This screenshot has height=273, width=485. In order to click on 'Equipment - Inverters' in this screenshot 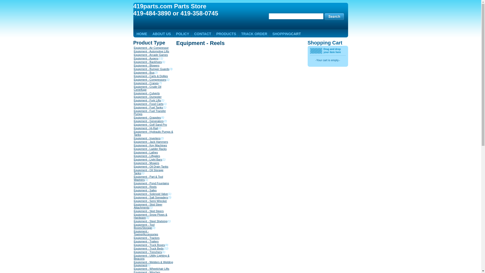, I will do `click(147, 138)`.